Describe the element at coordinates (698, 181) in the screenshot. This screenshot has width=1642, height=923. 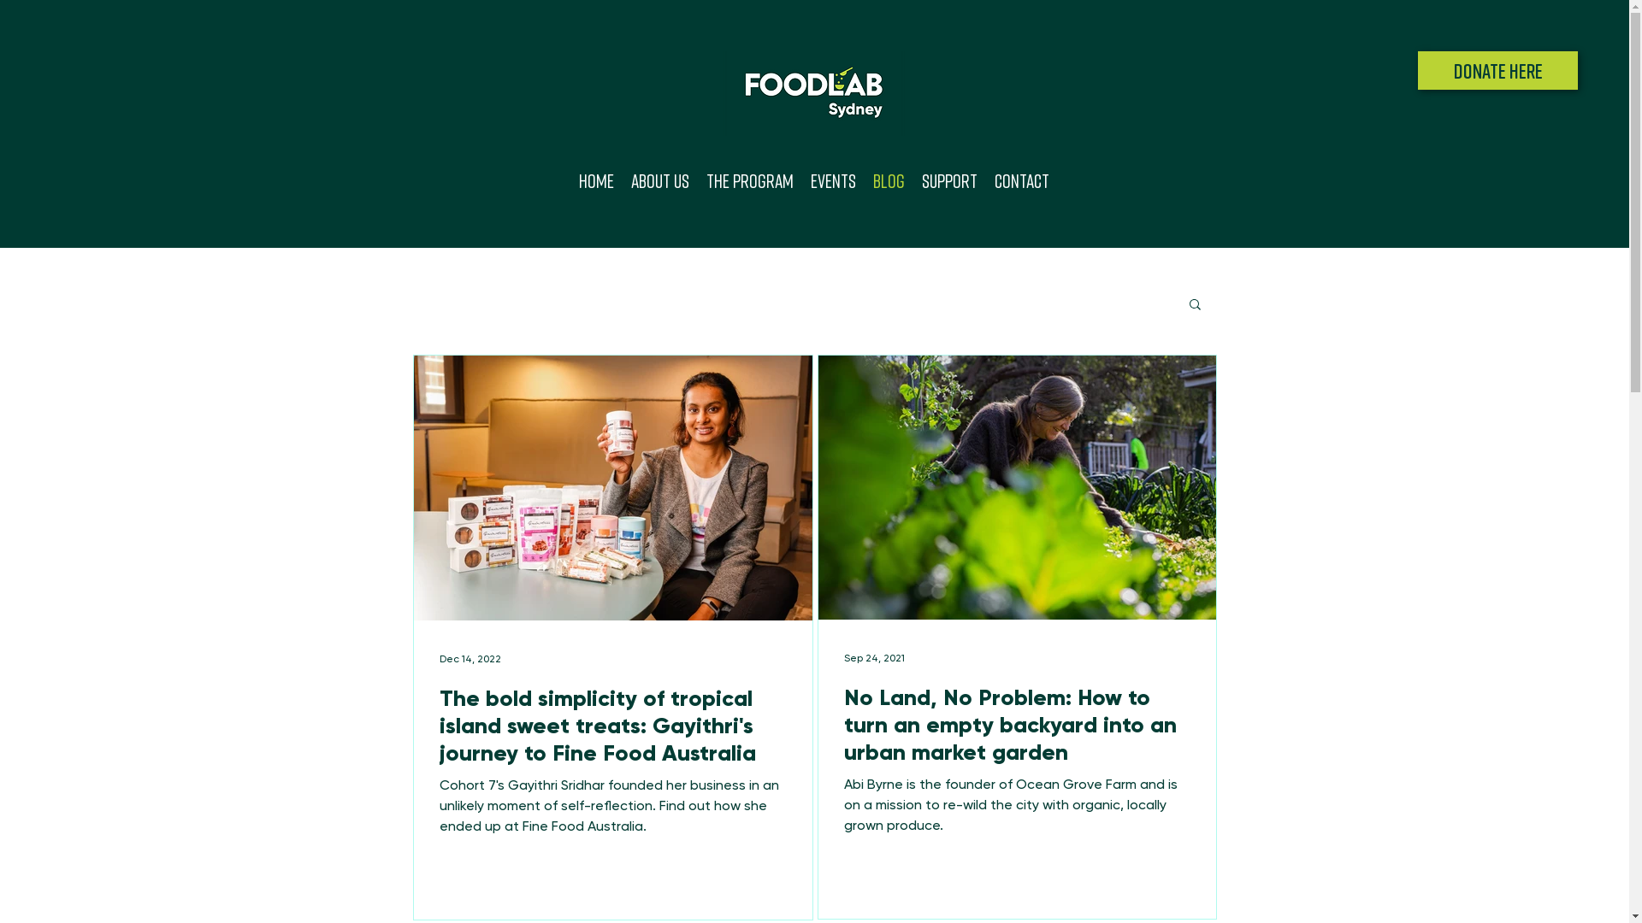
I see `'The Program'` at that location.